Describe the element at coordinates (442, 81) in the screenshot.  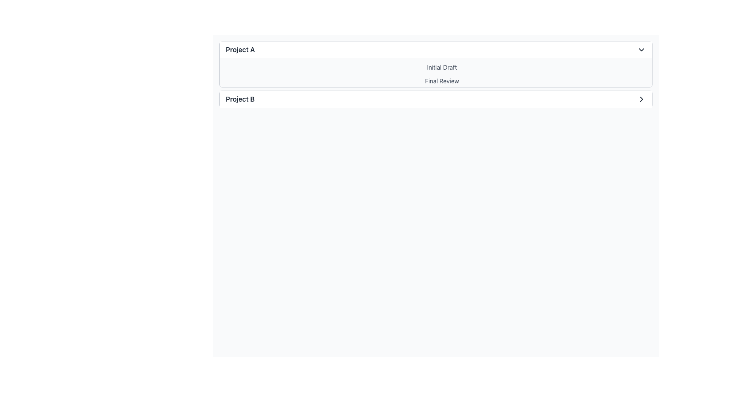
I see `the 'Final Review' text label, which is a neutral gray font indicator positioned below the 'Initial Draft' text` at that location.